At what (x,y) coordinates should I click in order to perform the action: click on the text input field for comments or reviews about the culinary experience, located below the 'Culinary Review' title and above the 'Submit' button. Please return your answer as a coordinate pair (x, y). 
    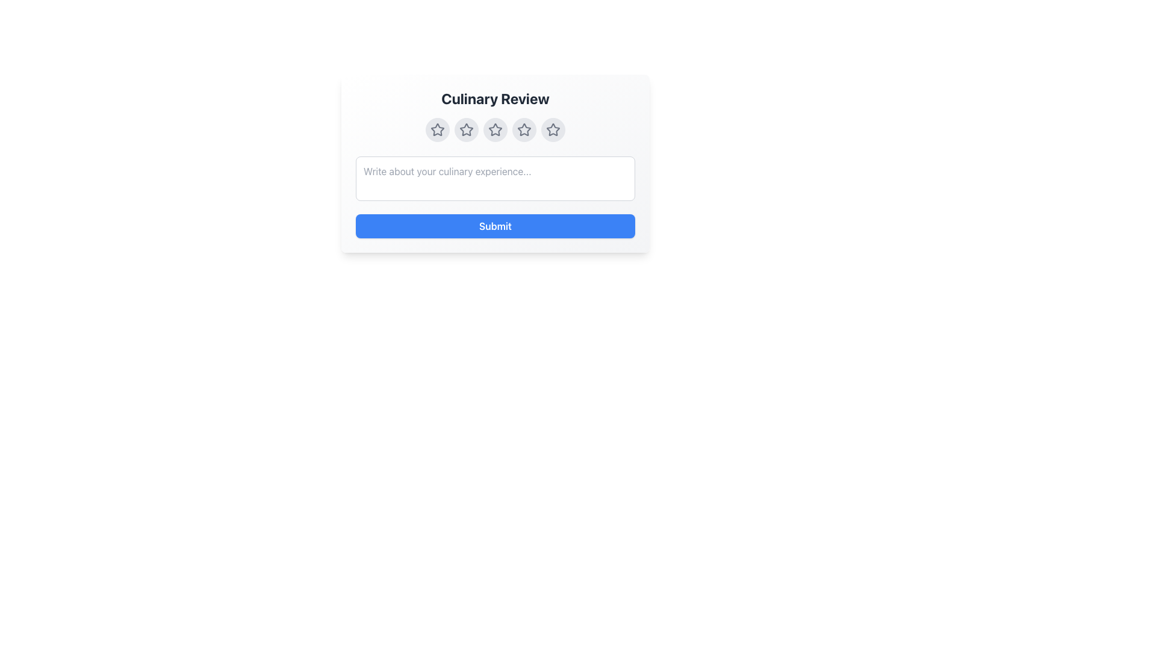
    Looking at the image, I should click on (495, 164).